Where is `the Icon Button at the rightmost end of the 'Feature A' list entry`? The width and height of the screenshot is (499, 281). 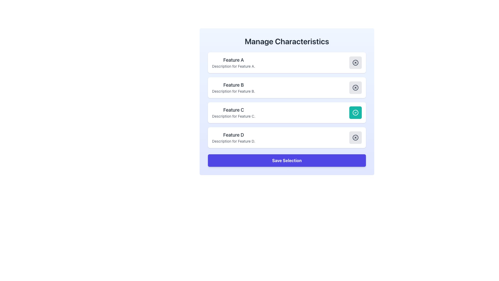
the Icon Button at the rightmost end of the 'Feature A' list entry is located at coordinates (355, 62).